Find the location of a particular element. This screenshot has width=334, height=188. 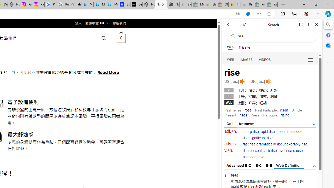

'stem rise' is located at coordinates (257, 157).